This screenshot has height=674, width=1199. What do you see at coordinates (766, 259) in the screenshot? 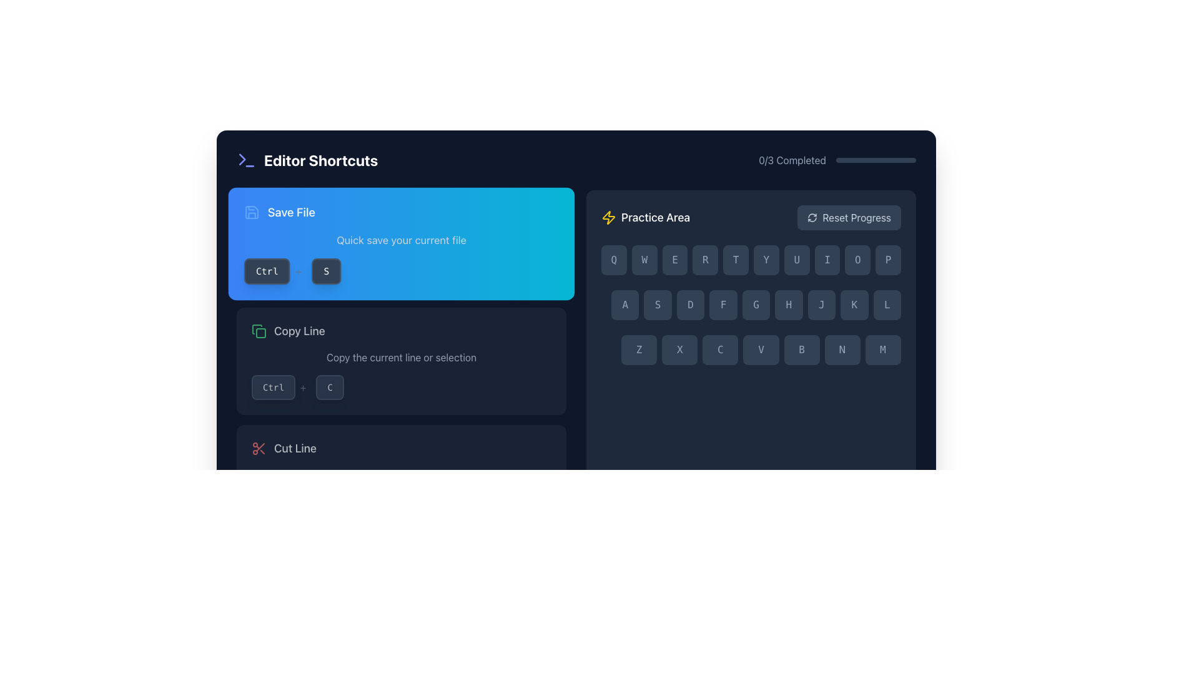
I see `the virtual keyboard button located as the sixth key in a row of ten, positioned centrally on the right side of the interface, directly to the right of the 'T' key and to the left of the 'U' key` at bounding box center [766, 259].